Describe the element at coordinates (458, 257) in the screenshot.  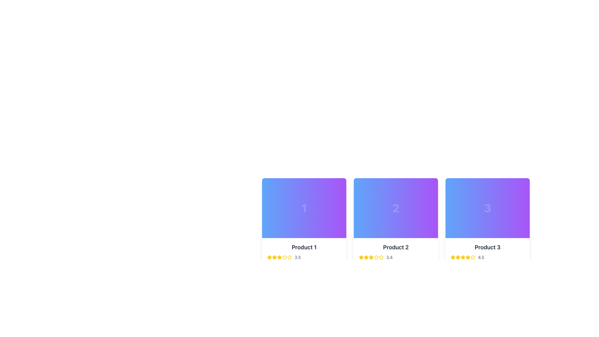
I see `the third star icon in the 5-star rating system located below the 'Product 3' card to indicate a fractional rating` at that location.